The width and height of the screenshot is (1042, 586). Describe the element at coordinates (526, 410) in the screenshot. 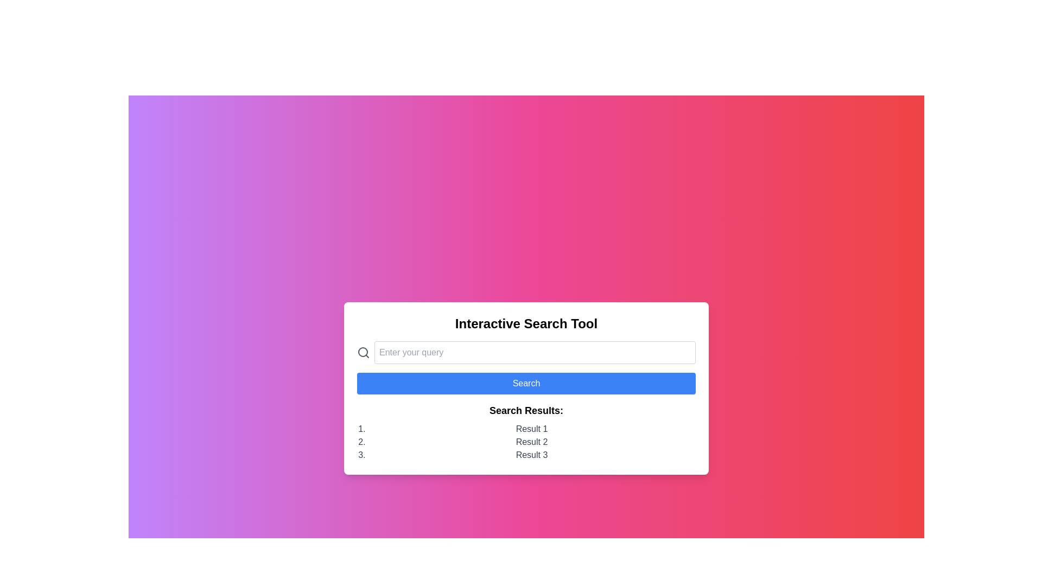

I see `the text label that serves as a heading for the search results section, positioned below the blue 'Search' button and above the numbered list of search results` at that location.